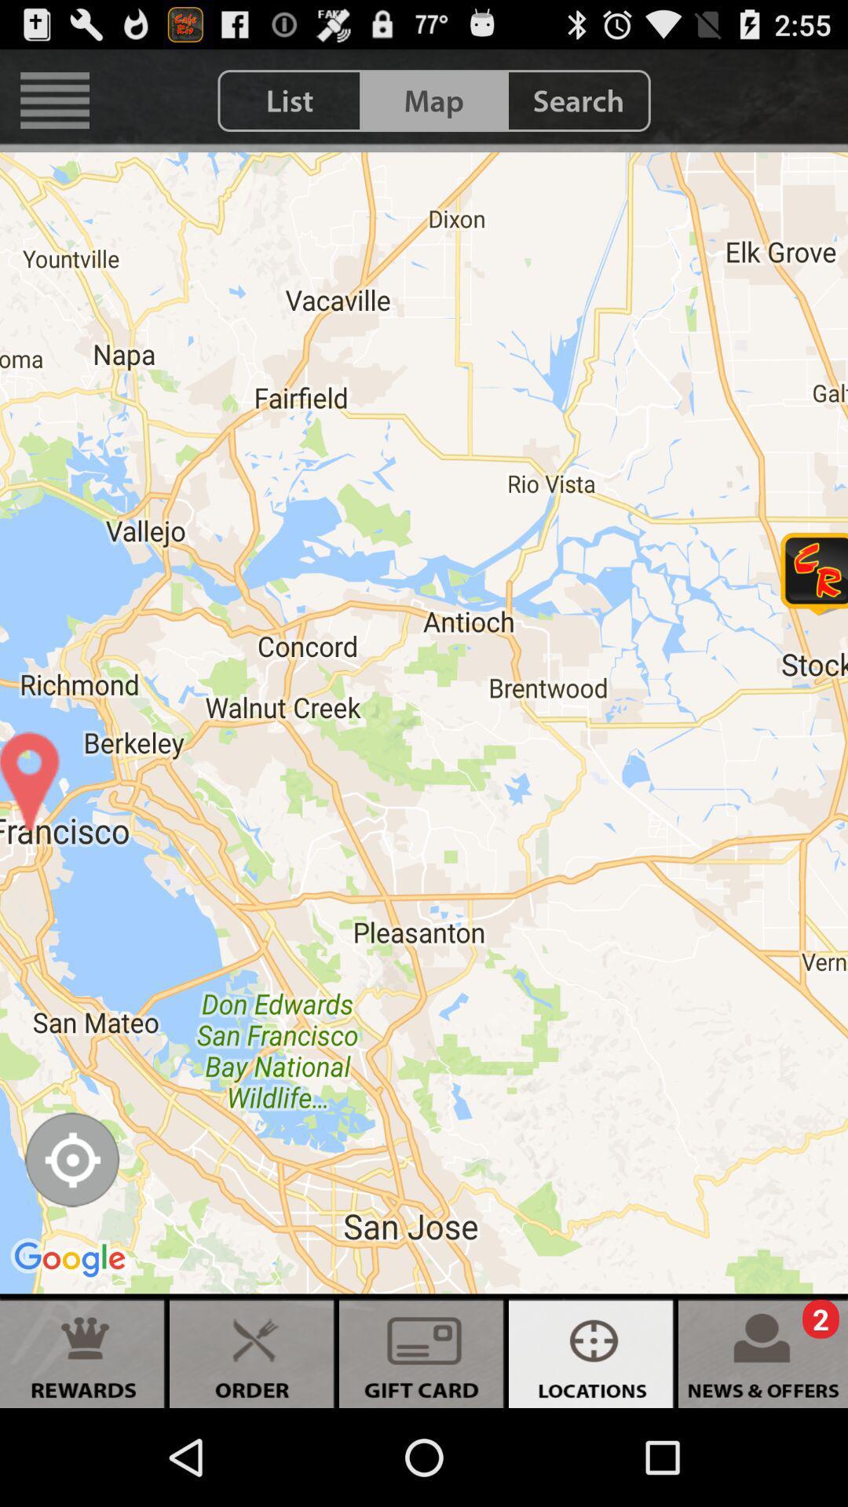  What do you see at coordinates (54, 100) in the screenshot?
I see `the icon to the left of list` at bounding box center [54, 100].